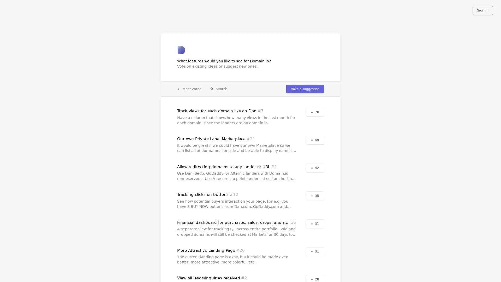  Describe the element at coordinates (314, 112) in the screenshot. I see `78` at that location.